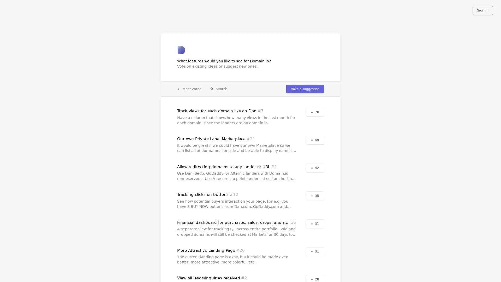  Describe the element at coordinates (314, 112) in the screenshot. I see `78` at that location.